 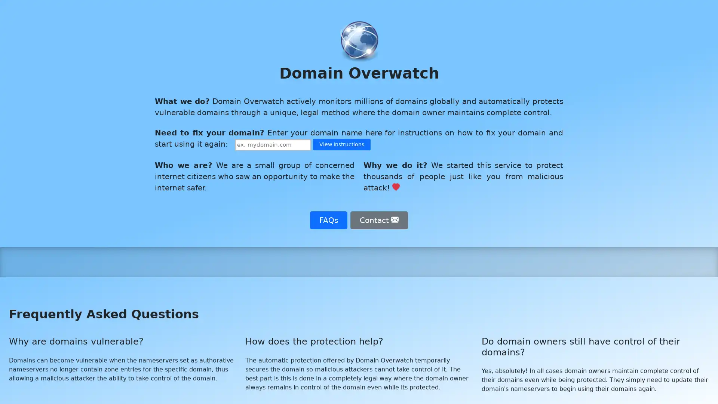 I want to click on View Instructions, so click(x=341, y=144).